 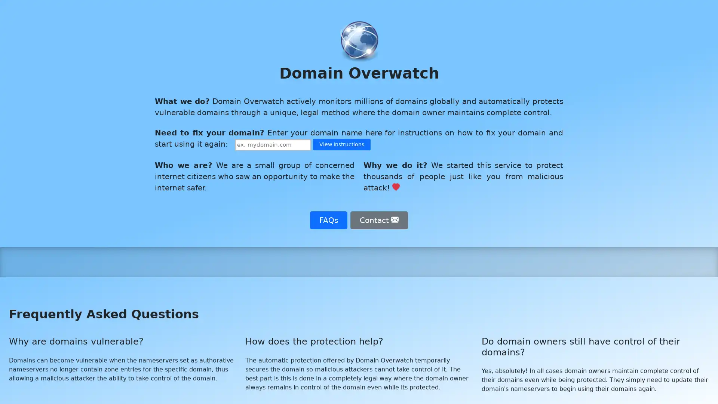 I want to click on View Instructions, so click(x=341, y=144).